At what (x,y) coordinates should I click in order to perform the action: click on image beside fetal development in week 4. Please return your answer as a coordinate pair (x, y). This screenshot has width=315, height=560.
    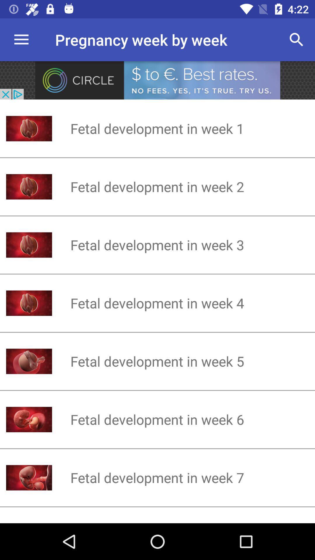
    Looking at the image, I should click on (29, 303).